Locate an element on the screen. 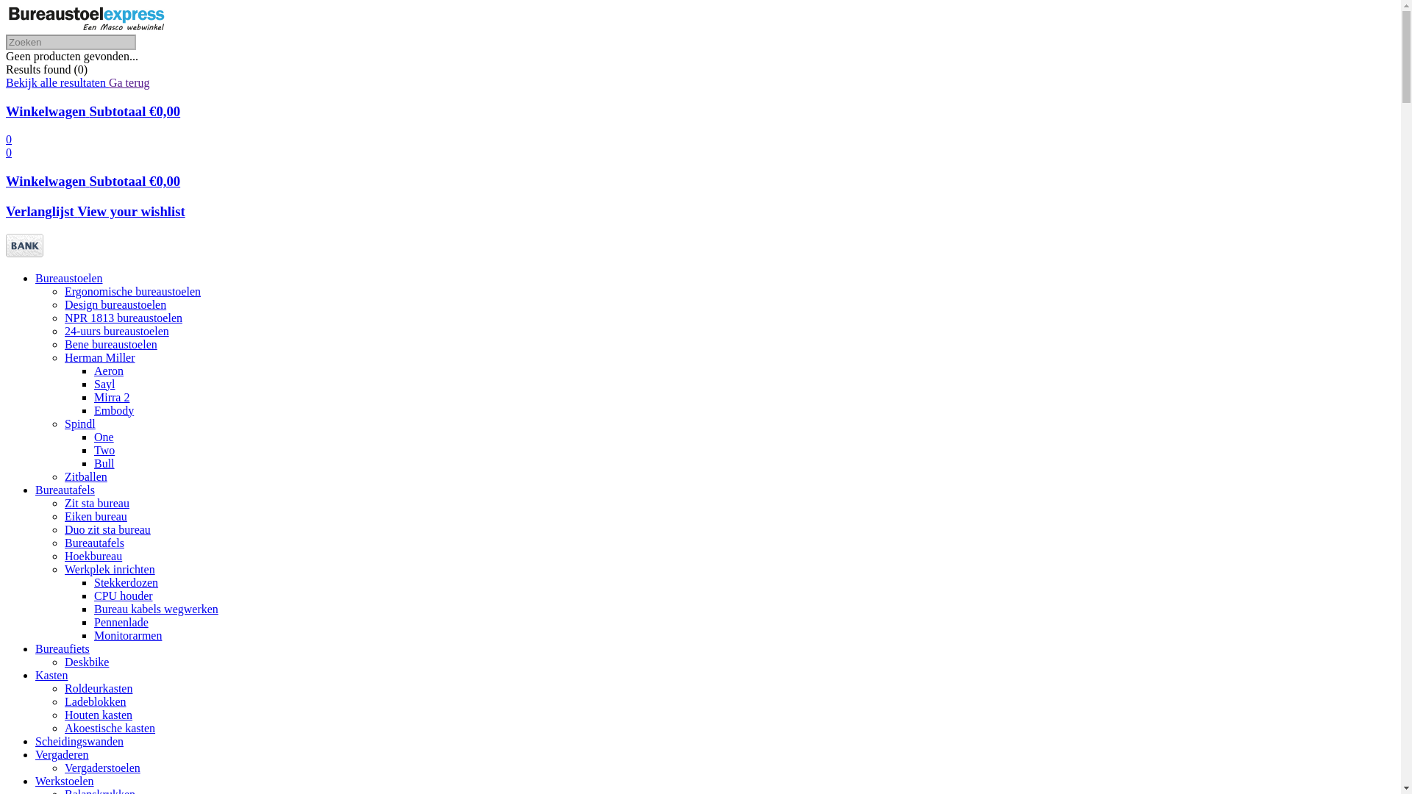  '24-uurs bureaustoelen' is located at coordinates (115, 331).